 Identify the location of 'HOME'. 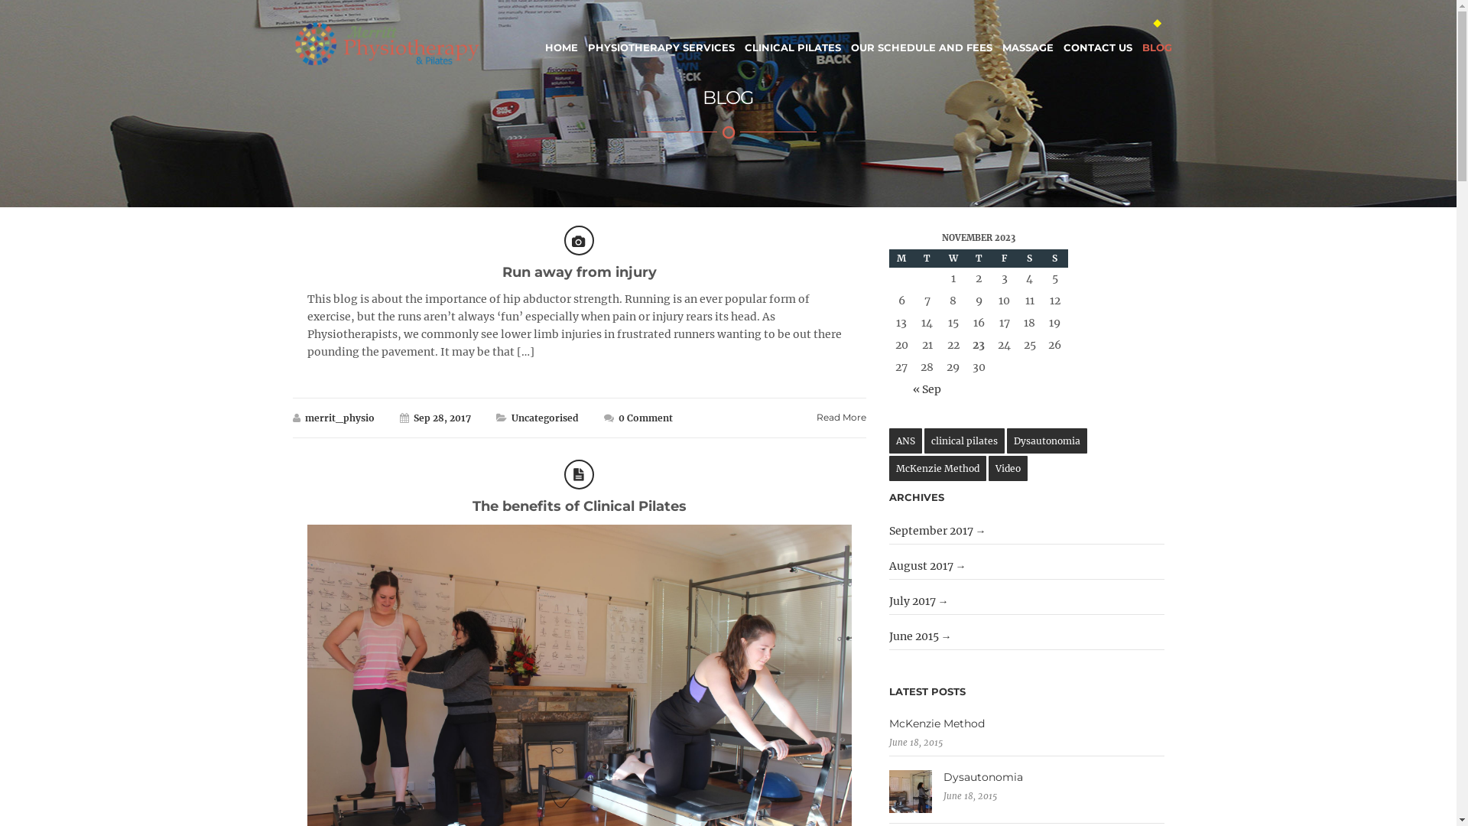
(560, 37).